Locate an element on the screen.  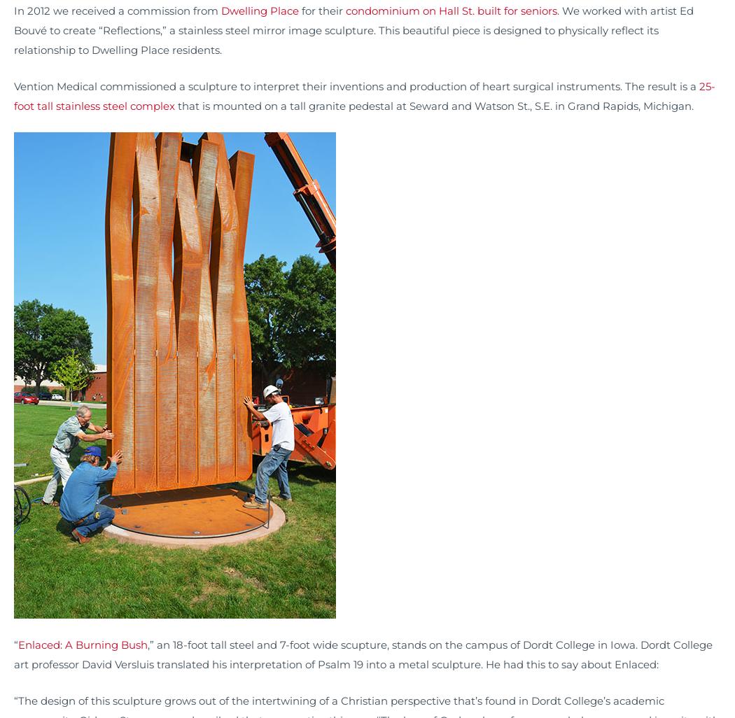
'Dwelling Place' is located at coordinates (221, 10).